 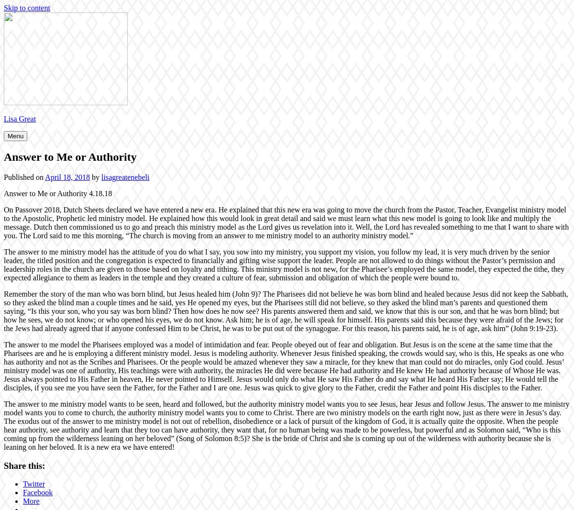 What do you see at coordinates (31, 501) in the screenshot?
I see `'More'` at bounding box center [31, 501].